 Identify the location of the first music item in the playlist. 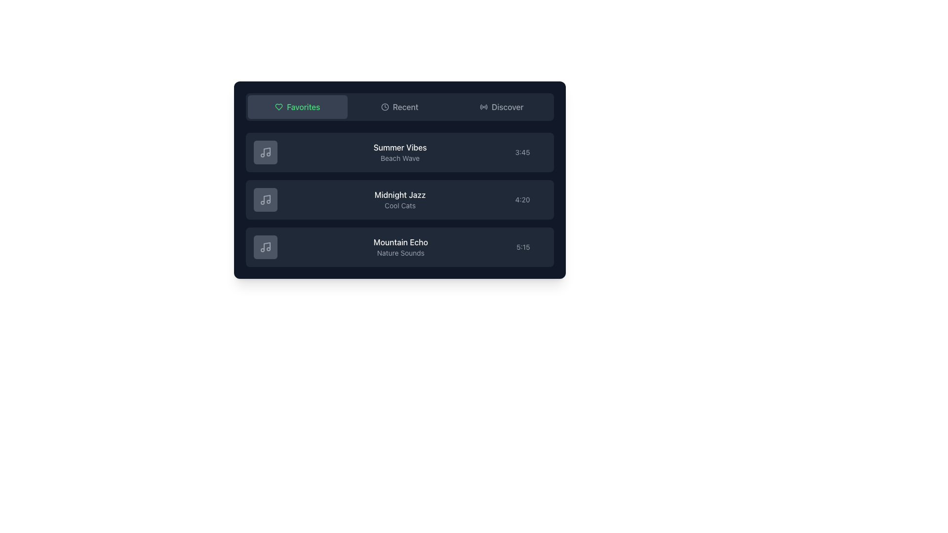
(399, 152).